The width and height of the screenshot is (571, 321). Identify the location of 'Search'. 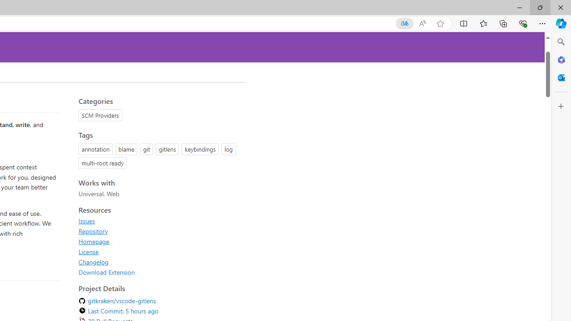
(561, 42).